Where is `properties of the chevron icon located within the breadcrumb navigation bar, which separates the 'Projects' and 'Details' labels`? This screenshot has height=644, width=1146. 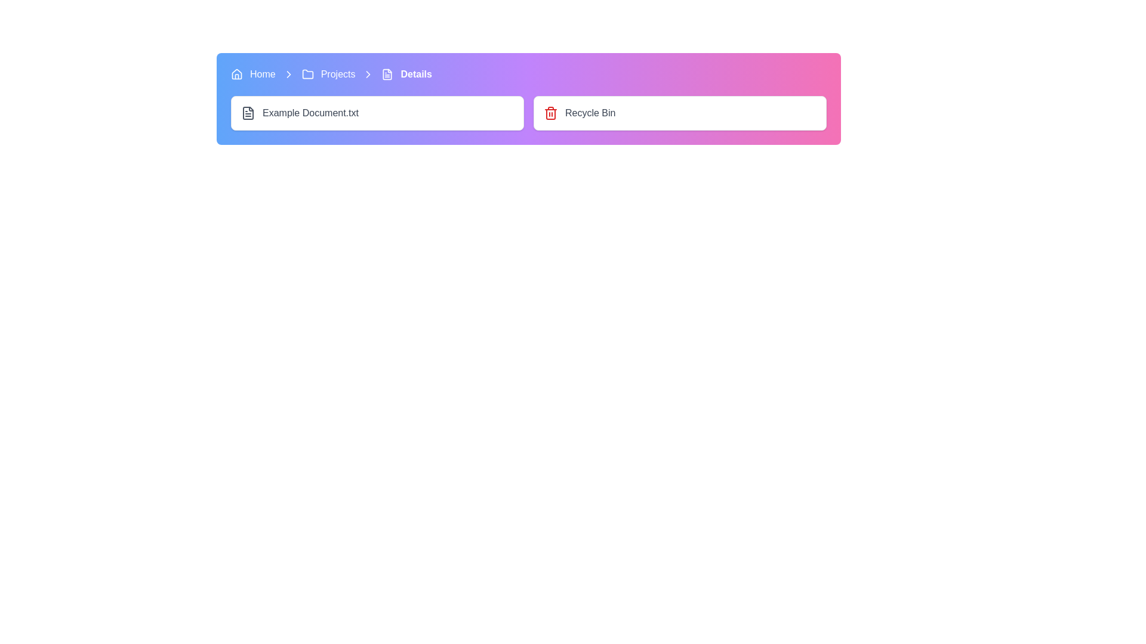
properties of the chevron icon located within the breadcrumb navigation bar, which separates the 'Projects' and 'Details' labels is located at coordinates (288, 74).